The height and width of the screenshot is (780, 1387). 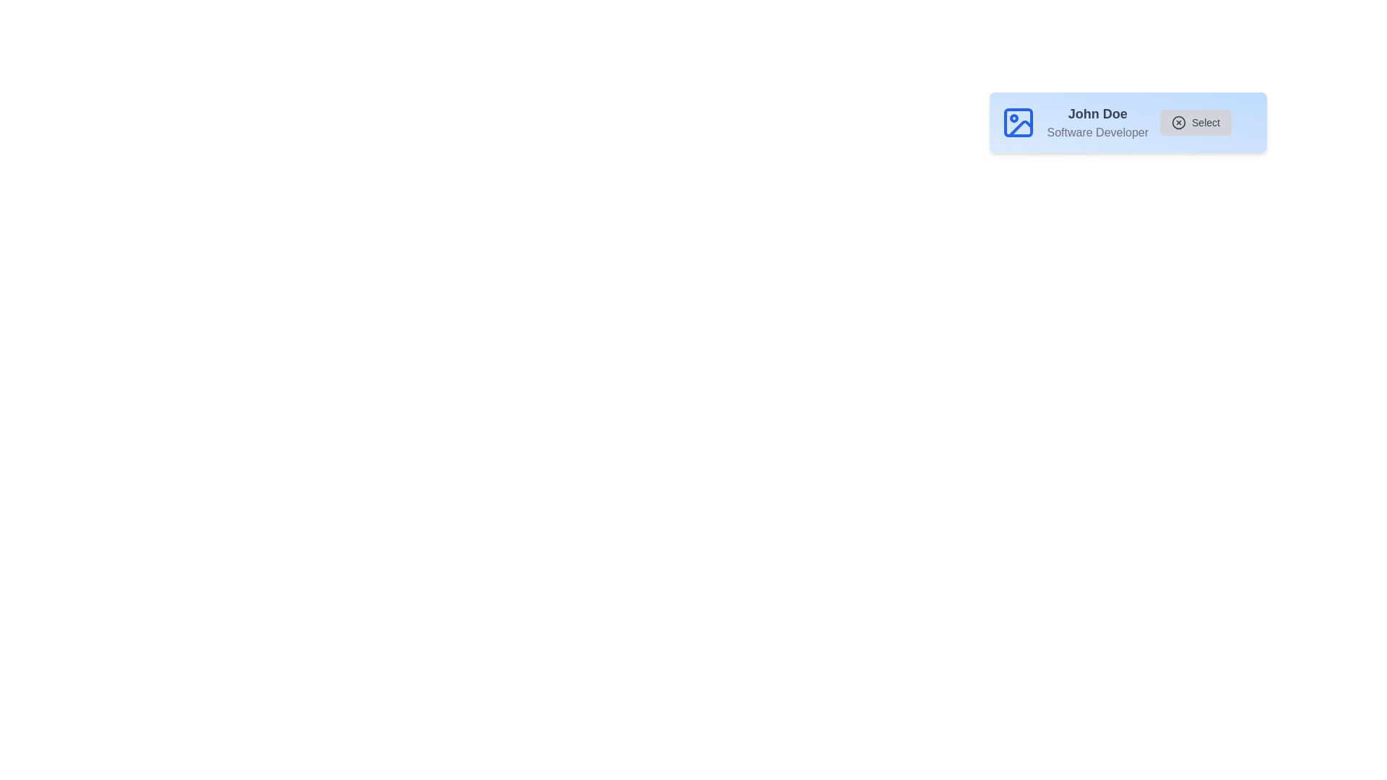 What do you see at coordinates (1017, 121) in the screenshot?
I see `the image icon to interact with it` at bounding box center [1017, 121].